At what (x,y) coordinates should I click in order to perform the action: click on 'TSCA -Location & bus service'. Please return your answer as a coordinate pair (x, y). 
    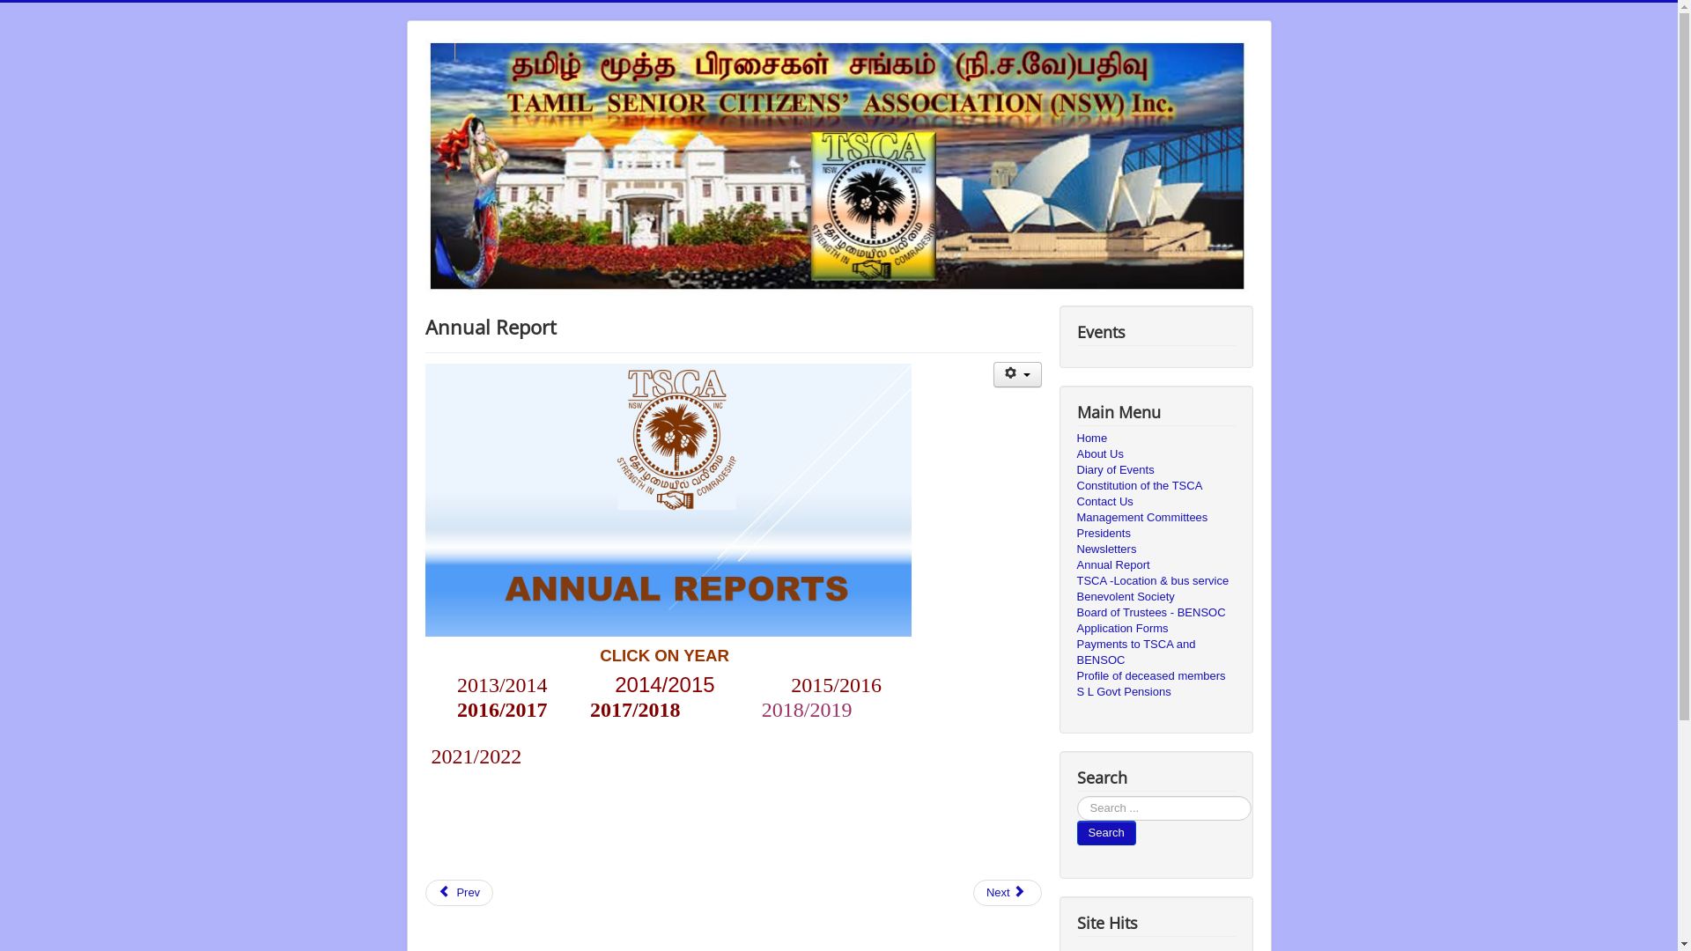
    Looking at the image, I should click on (1075, 580).